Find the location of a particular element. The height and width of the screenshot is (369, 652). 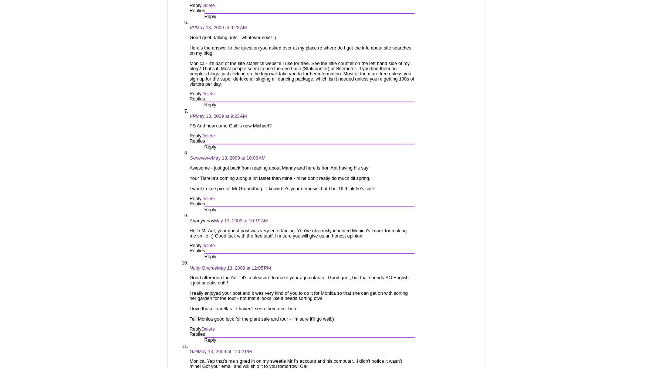

'May 13, 2009 at 10:06 AM' is located at coordinates (239, 157).